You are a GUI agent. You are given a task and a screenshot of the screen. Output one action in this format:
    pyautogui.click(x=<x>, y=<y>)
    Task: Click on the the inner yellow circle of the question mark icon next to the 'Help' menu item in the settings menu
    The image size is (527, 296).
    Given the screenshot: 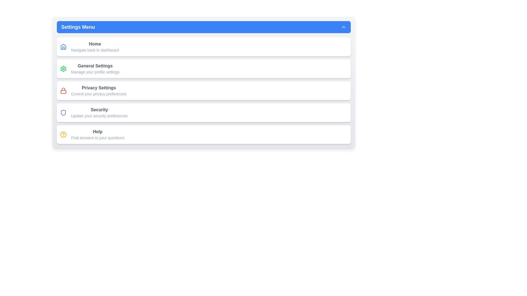 What is the action you would take?
    pyautogui.click(x=63, y=134)
    